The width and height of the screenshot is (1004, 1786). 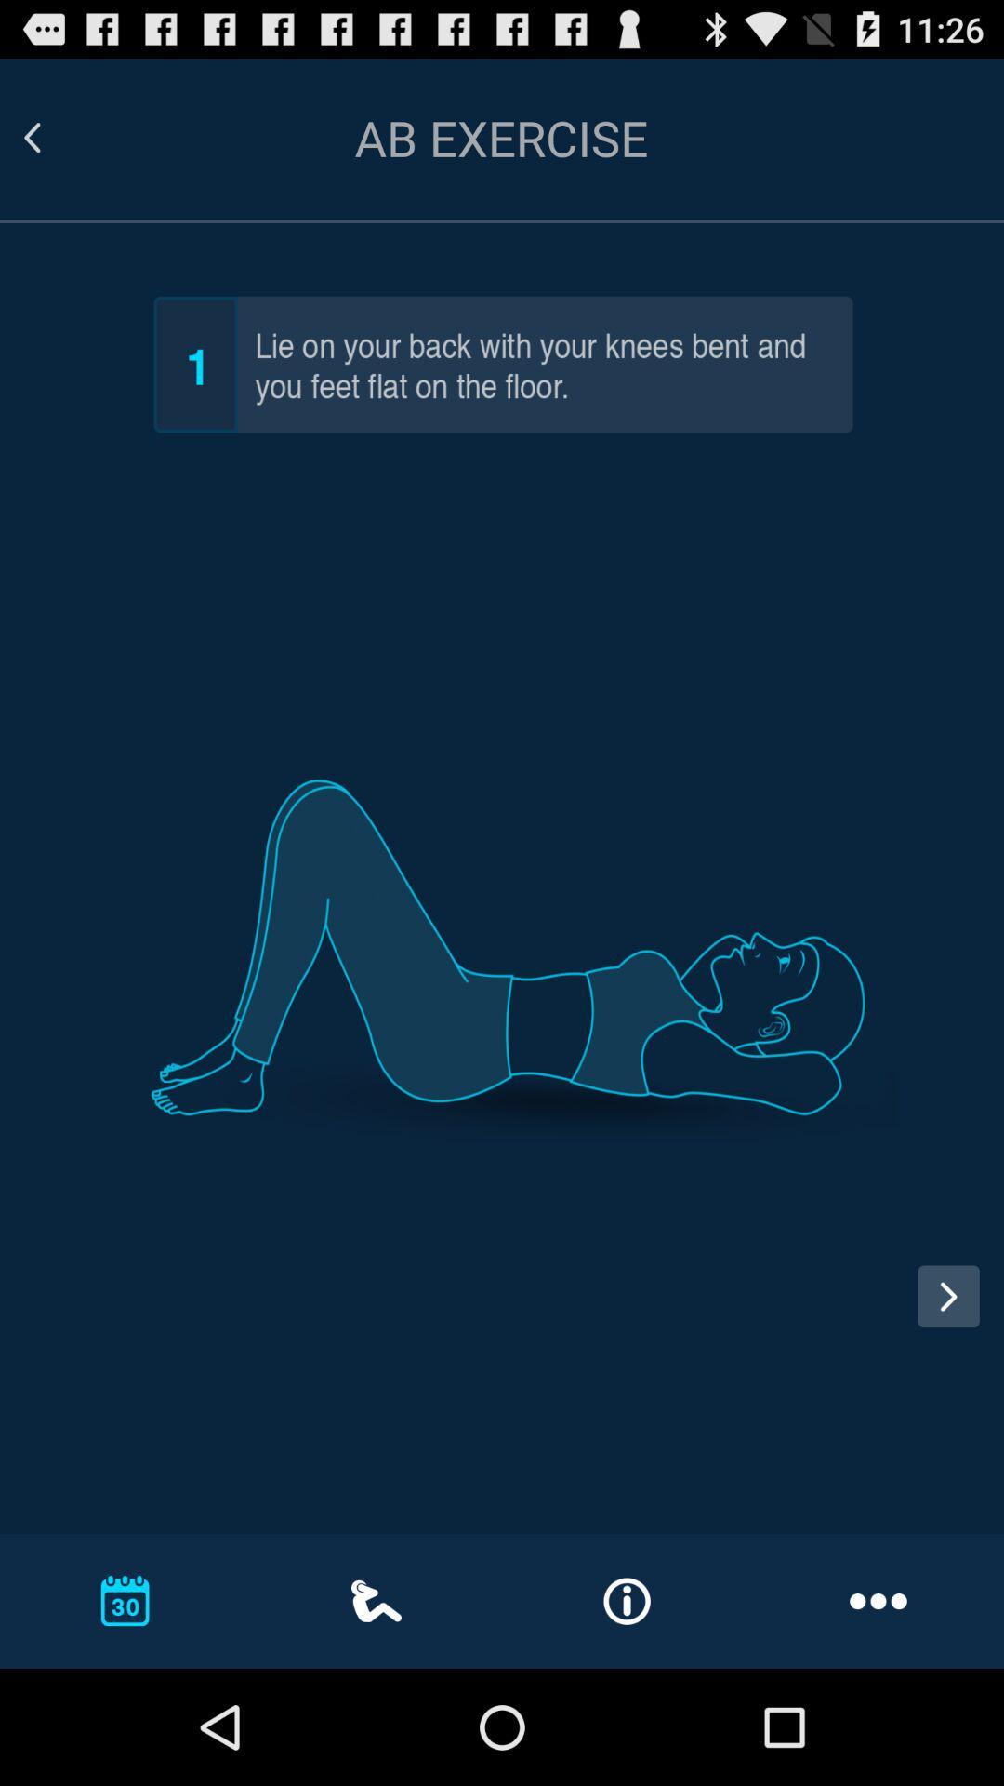 What do you see at coordinates (54, 137) in the screenshot?
I see `previous screen` at bounding box center [54, 137].